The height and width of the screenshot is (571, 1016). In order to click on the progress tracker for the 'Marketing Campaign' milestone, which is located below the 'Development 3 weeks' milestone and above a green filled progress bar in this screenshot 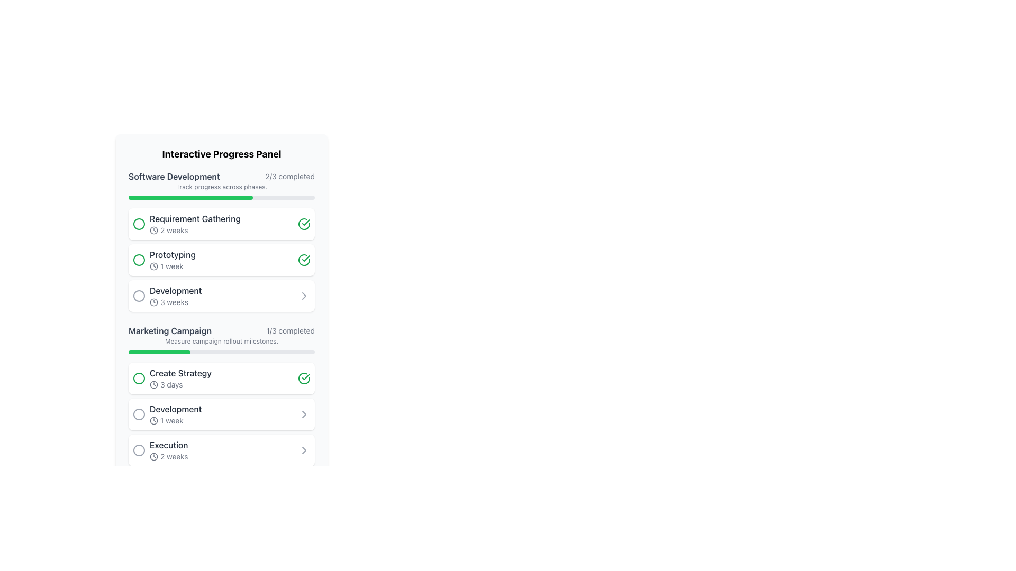, I will do `click(221, 330)`.